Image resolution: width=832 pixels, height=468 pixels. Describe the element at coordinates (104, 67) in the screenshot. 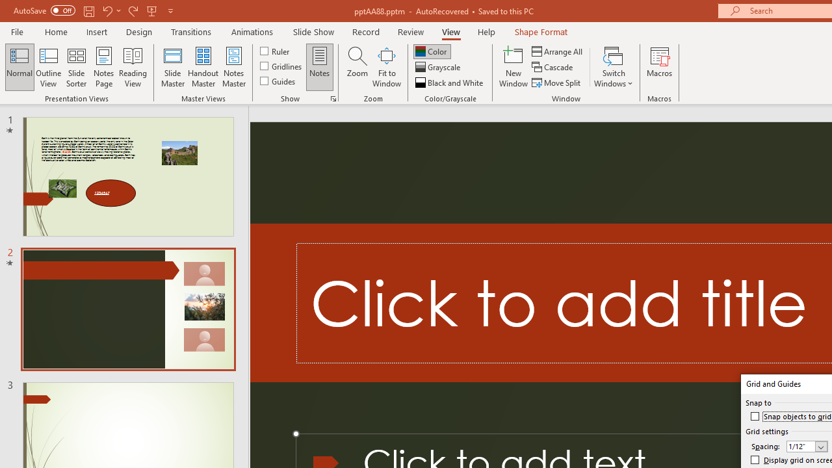

I see `'Notes Page'` at that location.